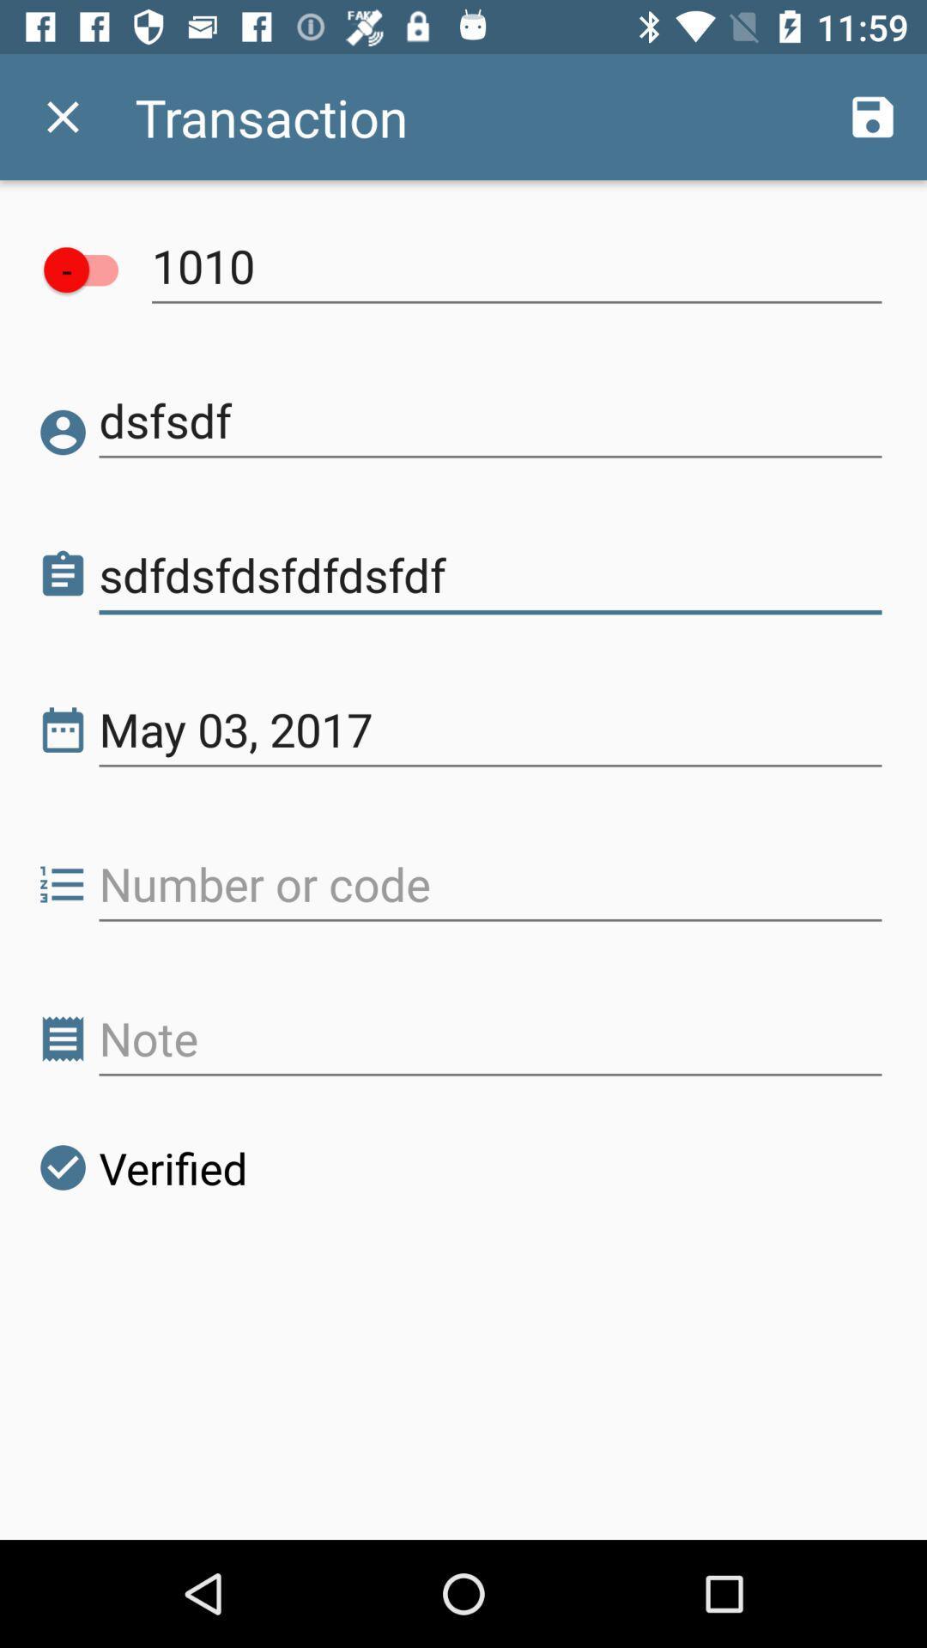 Image resolution: width=927 pixels, height=1648 pixels. I want to click on may 03, 2017 item, so click(490, 730).